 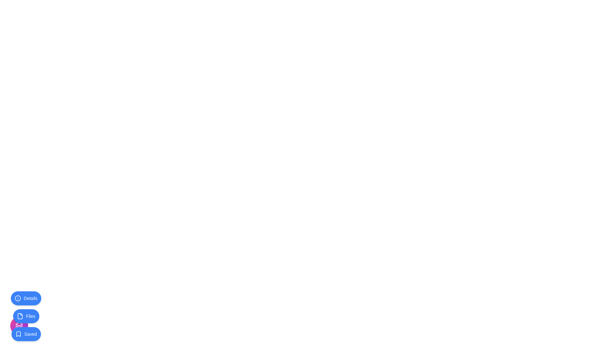 I want to click on the white information icon within the blue circular button labeled 'Details', so click(x=18, y=298).